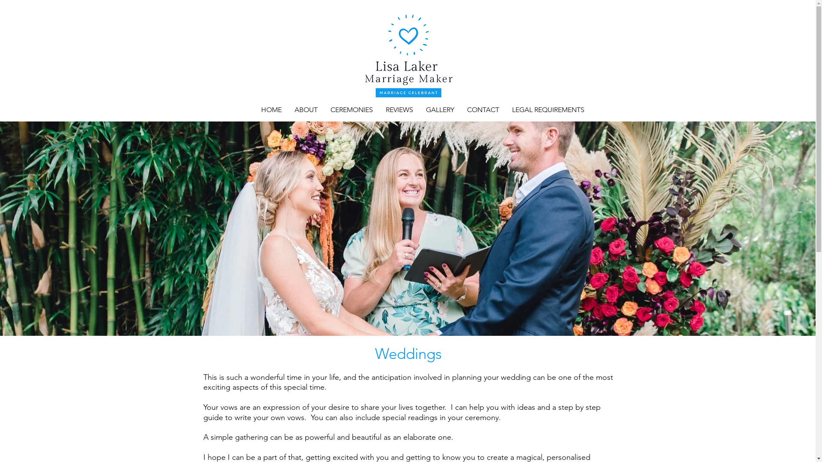  What do you see at coordinates (271, 110) in the screenshot?
I see `'HOME'` at bounding box center [271, 110].